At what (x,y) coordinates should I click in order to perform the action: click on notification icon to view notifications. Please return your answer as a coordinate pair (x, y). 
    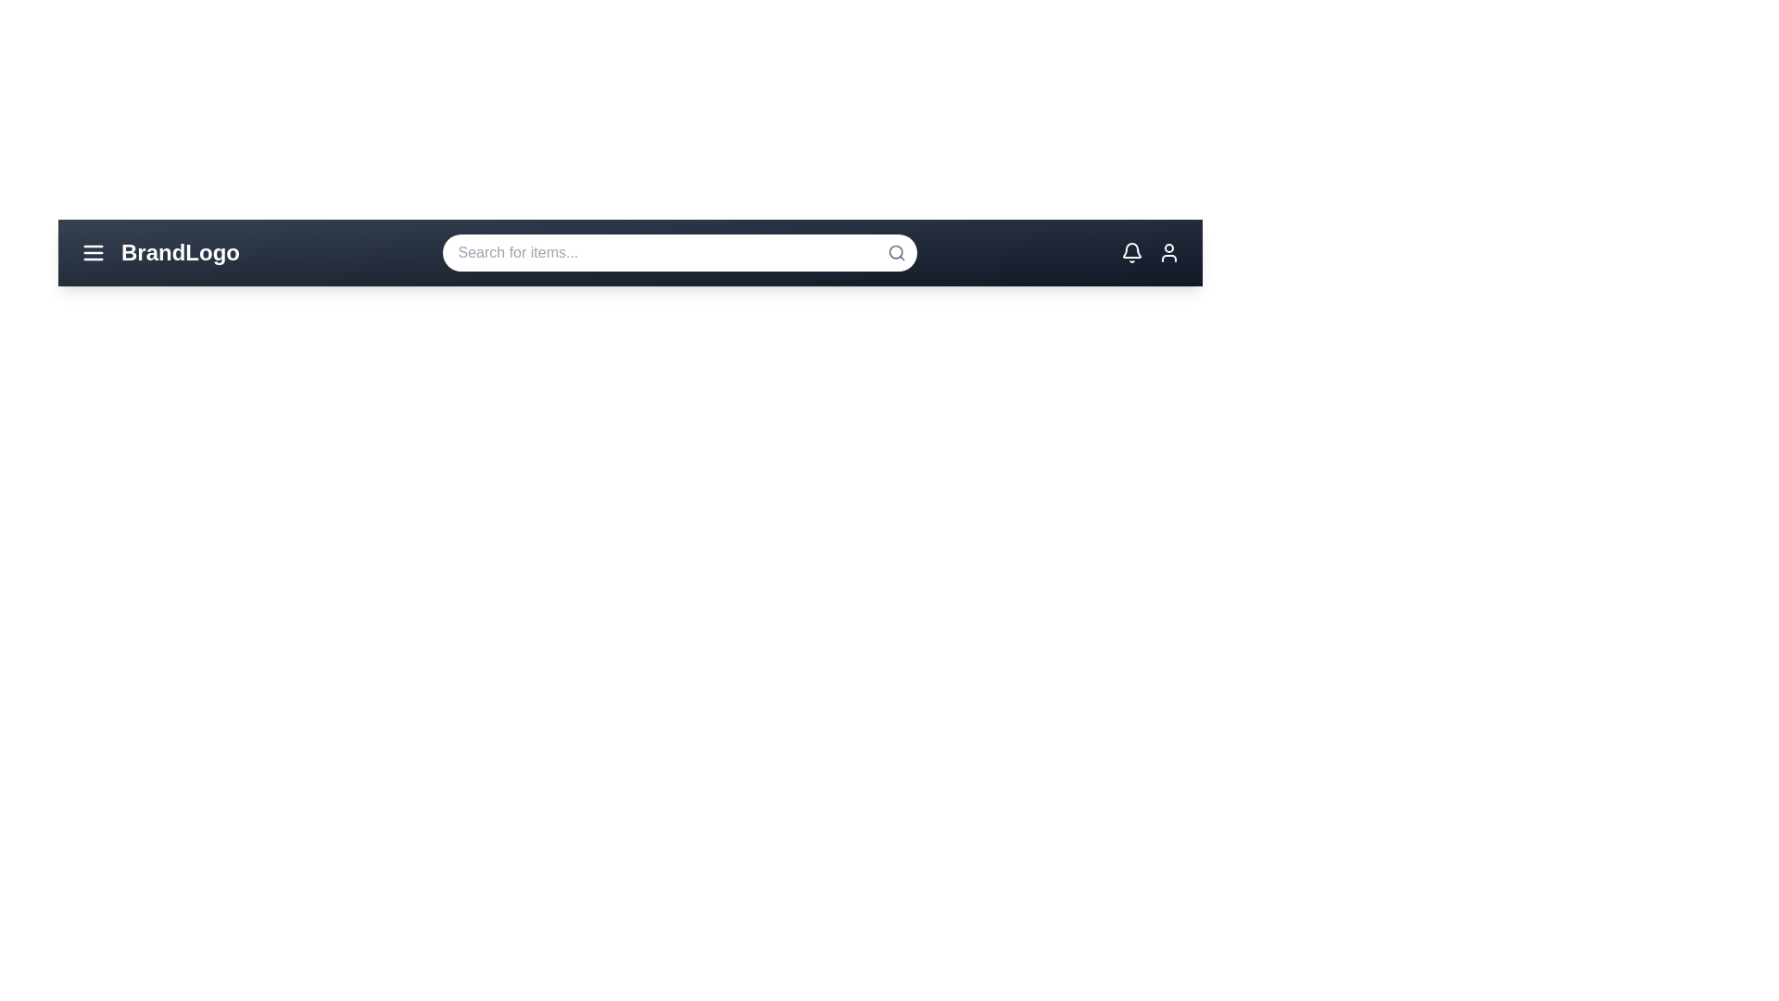
    Looking at the image, I should click on (1130, 253).